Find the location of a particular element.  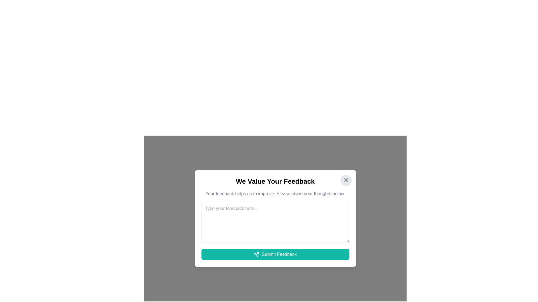

the feedback submission button located at the bottom of the feedback form is located at coordinates (275, 254).